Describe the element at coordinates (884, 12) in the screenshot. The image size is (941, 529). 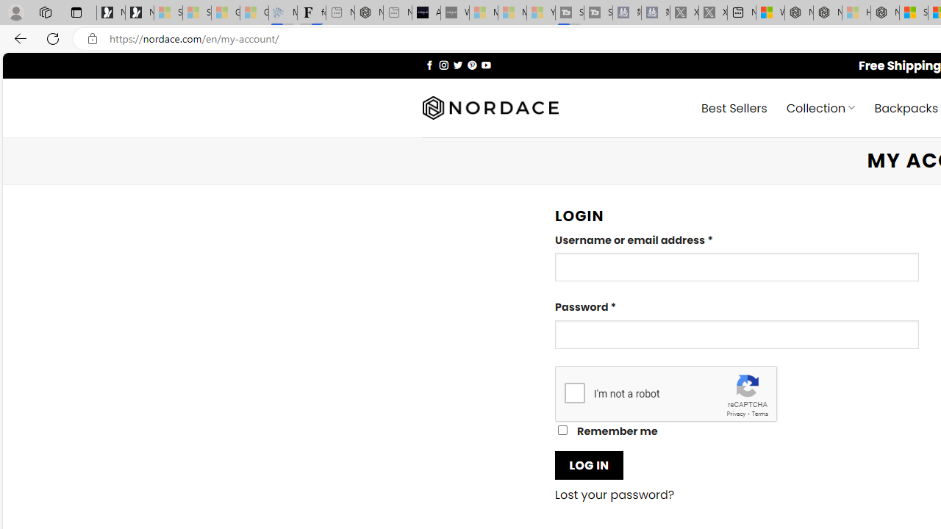
I see `'Nordace - Nordace Siena Is Not An Ordinary Backpack'` at that location.